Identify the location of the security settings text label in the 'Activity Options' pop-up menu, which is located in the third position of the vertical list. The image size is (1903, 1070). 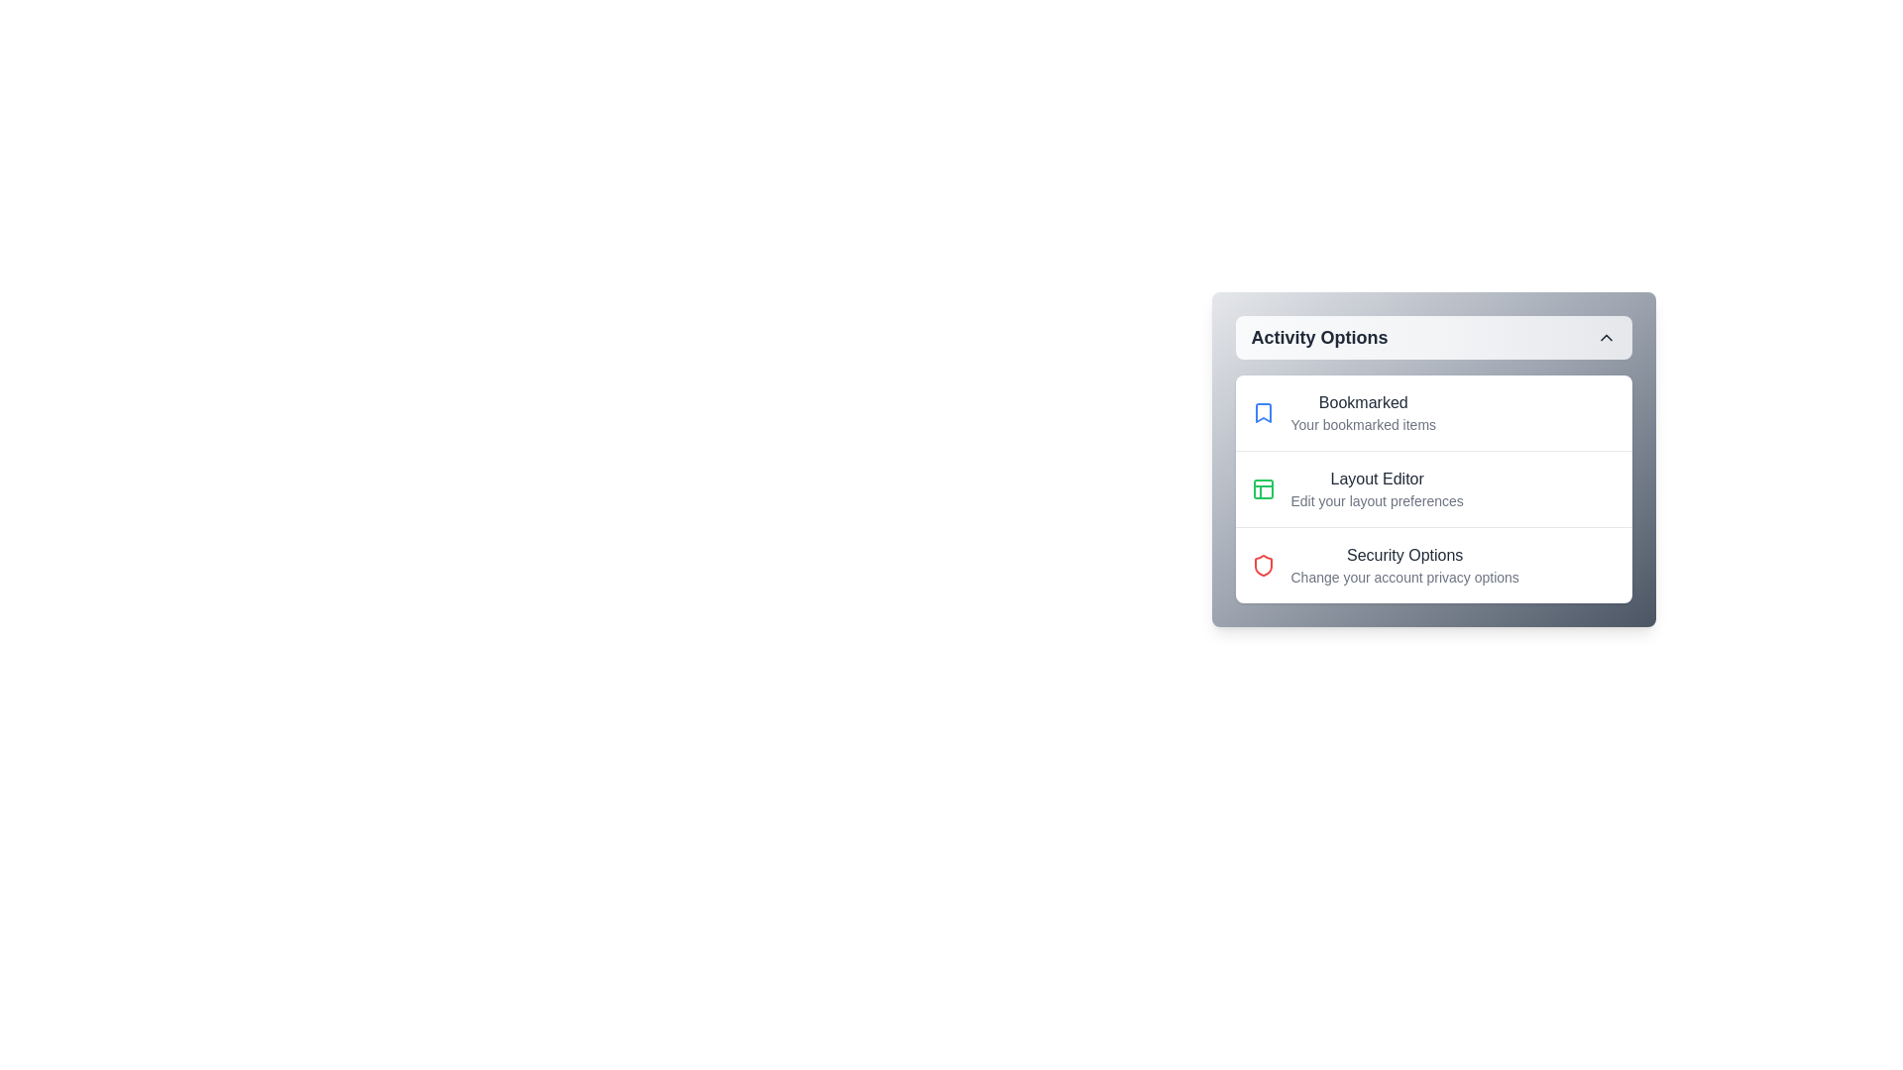
(1403, 555).